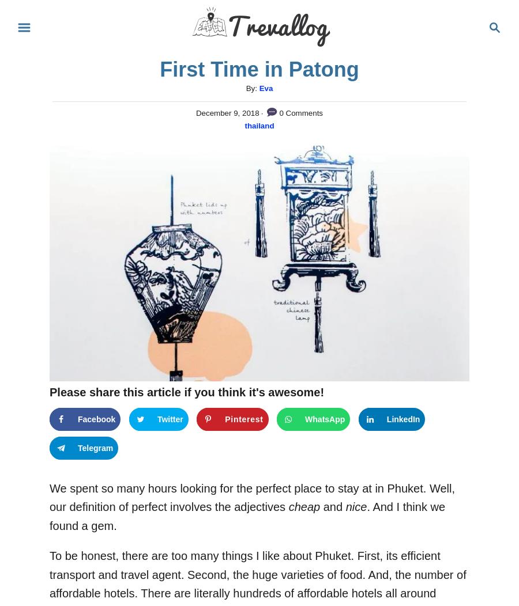  I want to click on '0 Comments', so click(276, 113).